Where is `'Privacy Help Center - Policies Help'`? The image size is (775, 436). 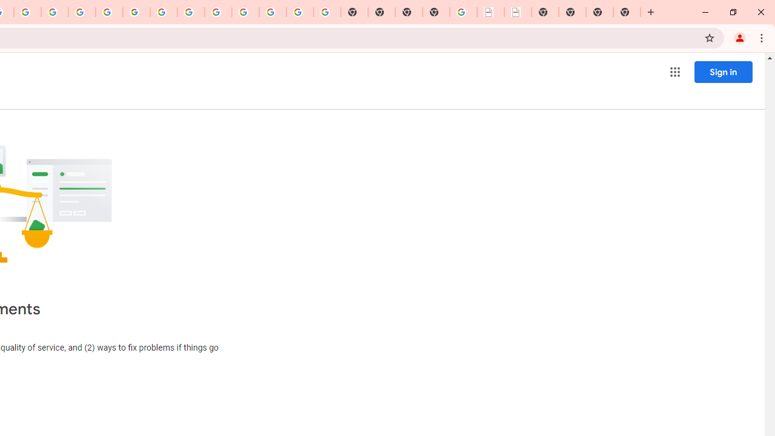
'Privacy Help Center - Policies Help' is located at coordinates (54, 12).